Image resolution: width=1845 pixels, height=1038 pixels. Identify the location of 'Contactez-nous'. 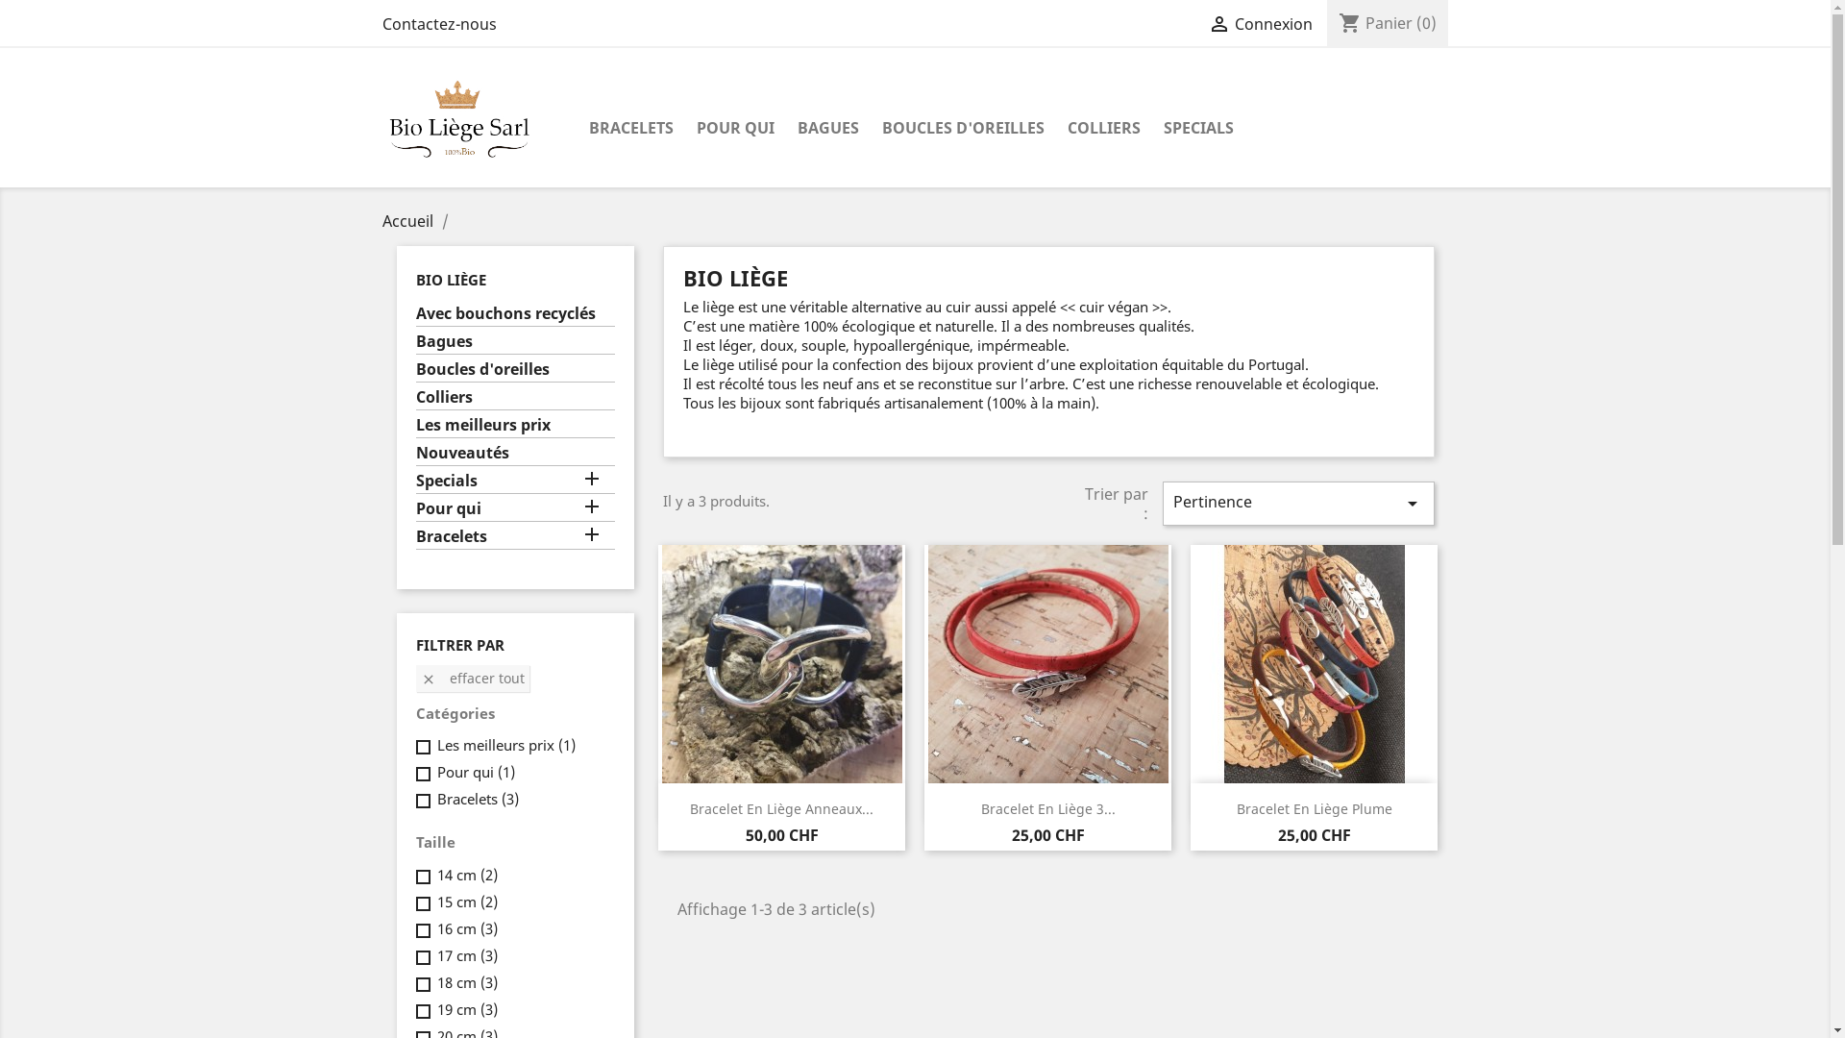
(438, 23).